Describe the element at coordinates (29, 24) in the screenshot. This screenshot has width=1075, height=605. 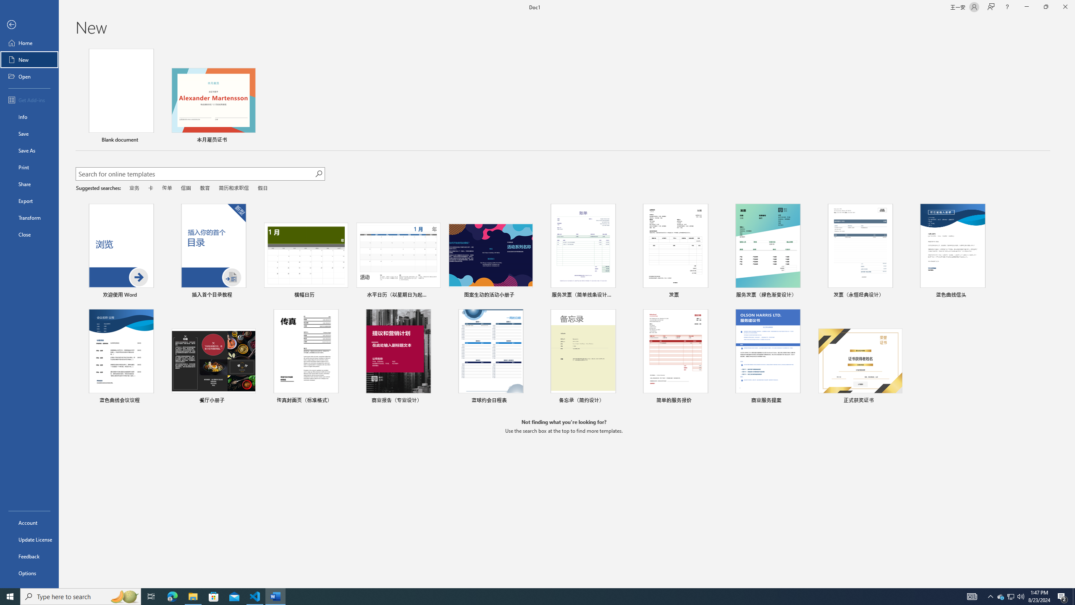
I see `'Back'` at that location.